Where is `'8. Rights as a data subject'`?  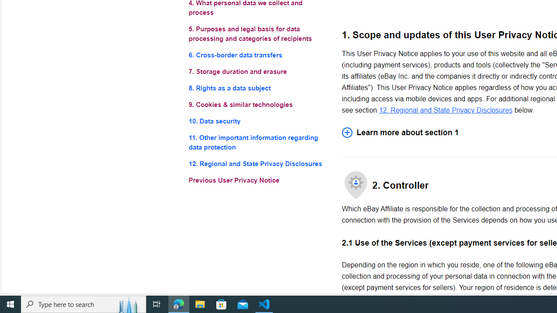 '8. Rights as a data subject' is located at coordinates (258, 88).